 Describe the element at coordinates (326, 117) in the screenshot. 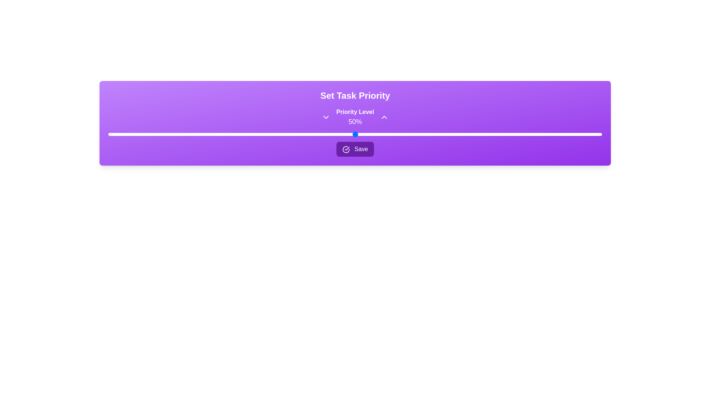

I see `the downward-pointing chevron icon button` at that location.